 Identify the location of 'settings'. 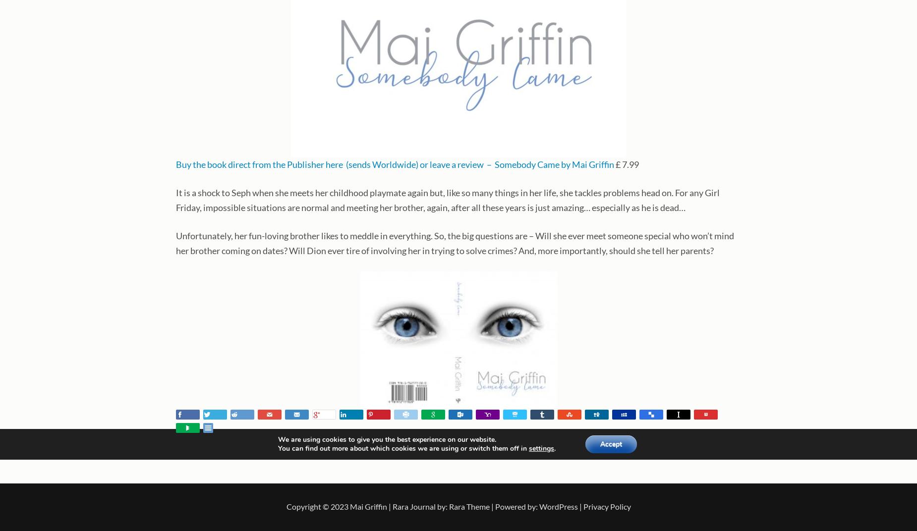
(528, 448).